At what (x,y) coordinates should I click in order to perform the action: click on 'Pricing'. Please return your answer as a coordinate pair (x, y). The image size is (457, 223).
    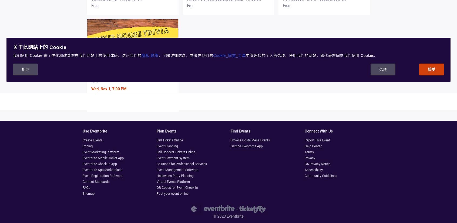
    Looking at the image, I should click on (87, 146).